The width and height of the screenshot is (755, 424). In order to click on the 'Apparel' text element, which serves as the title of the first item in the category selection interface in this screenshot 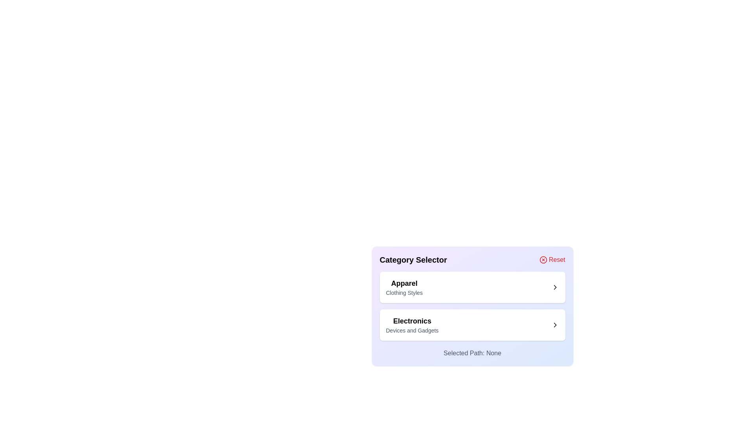, I will do `click(404, 283)`.